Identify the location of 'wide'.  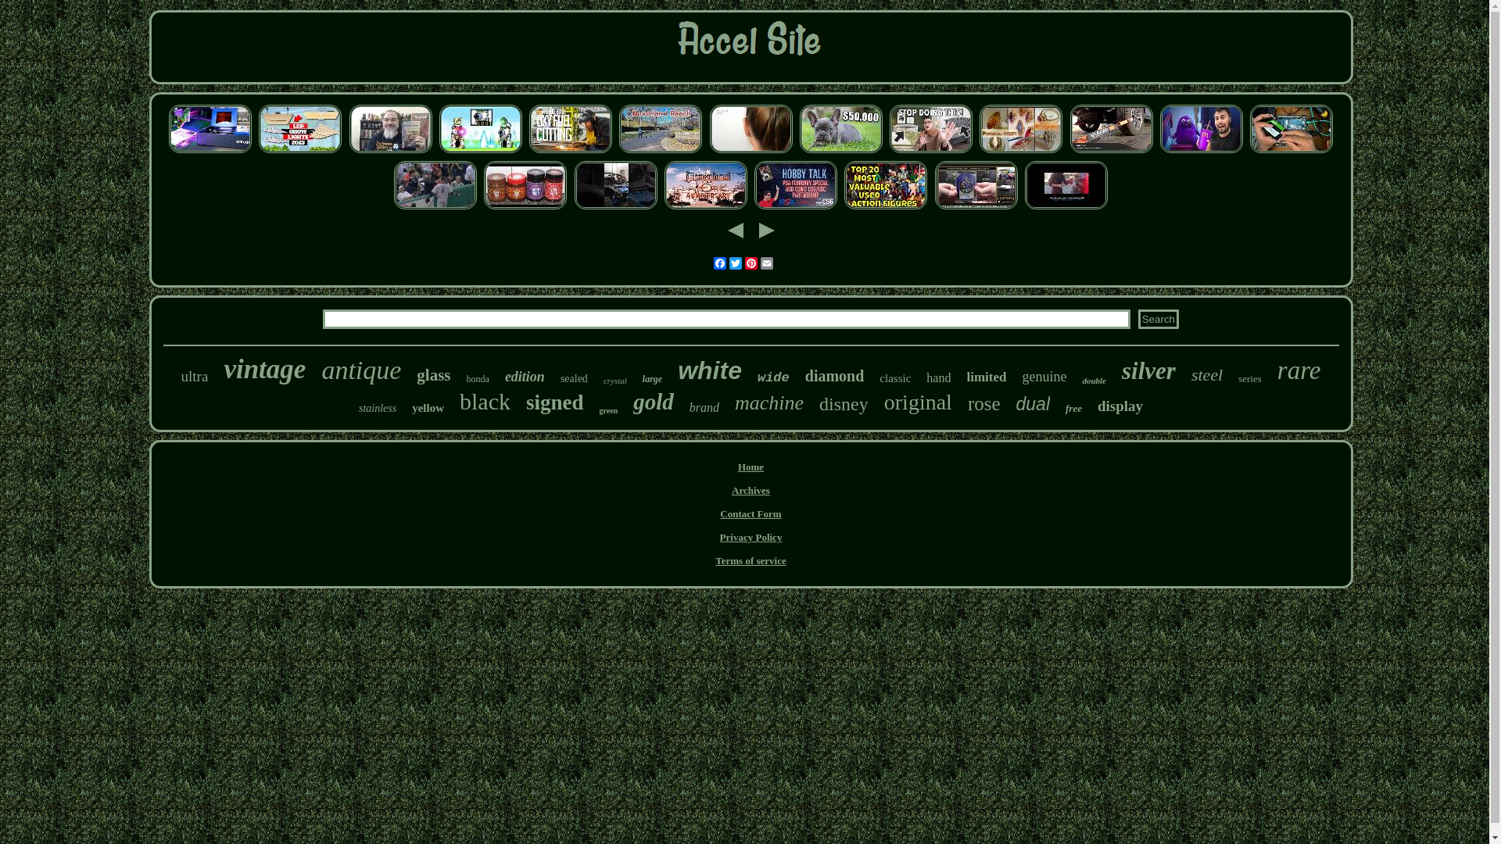
(758, 377).